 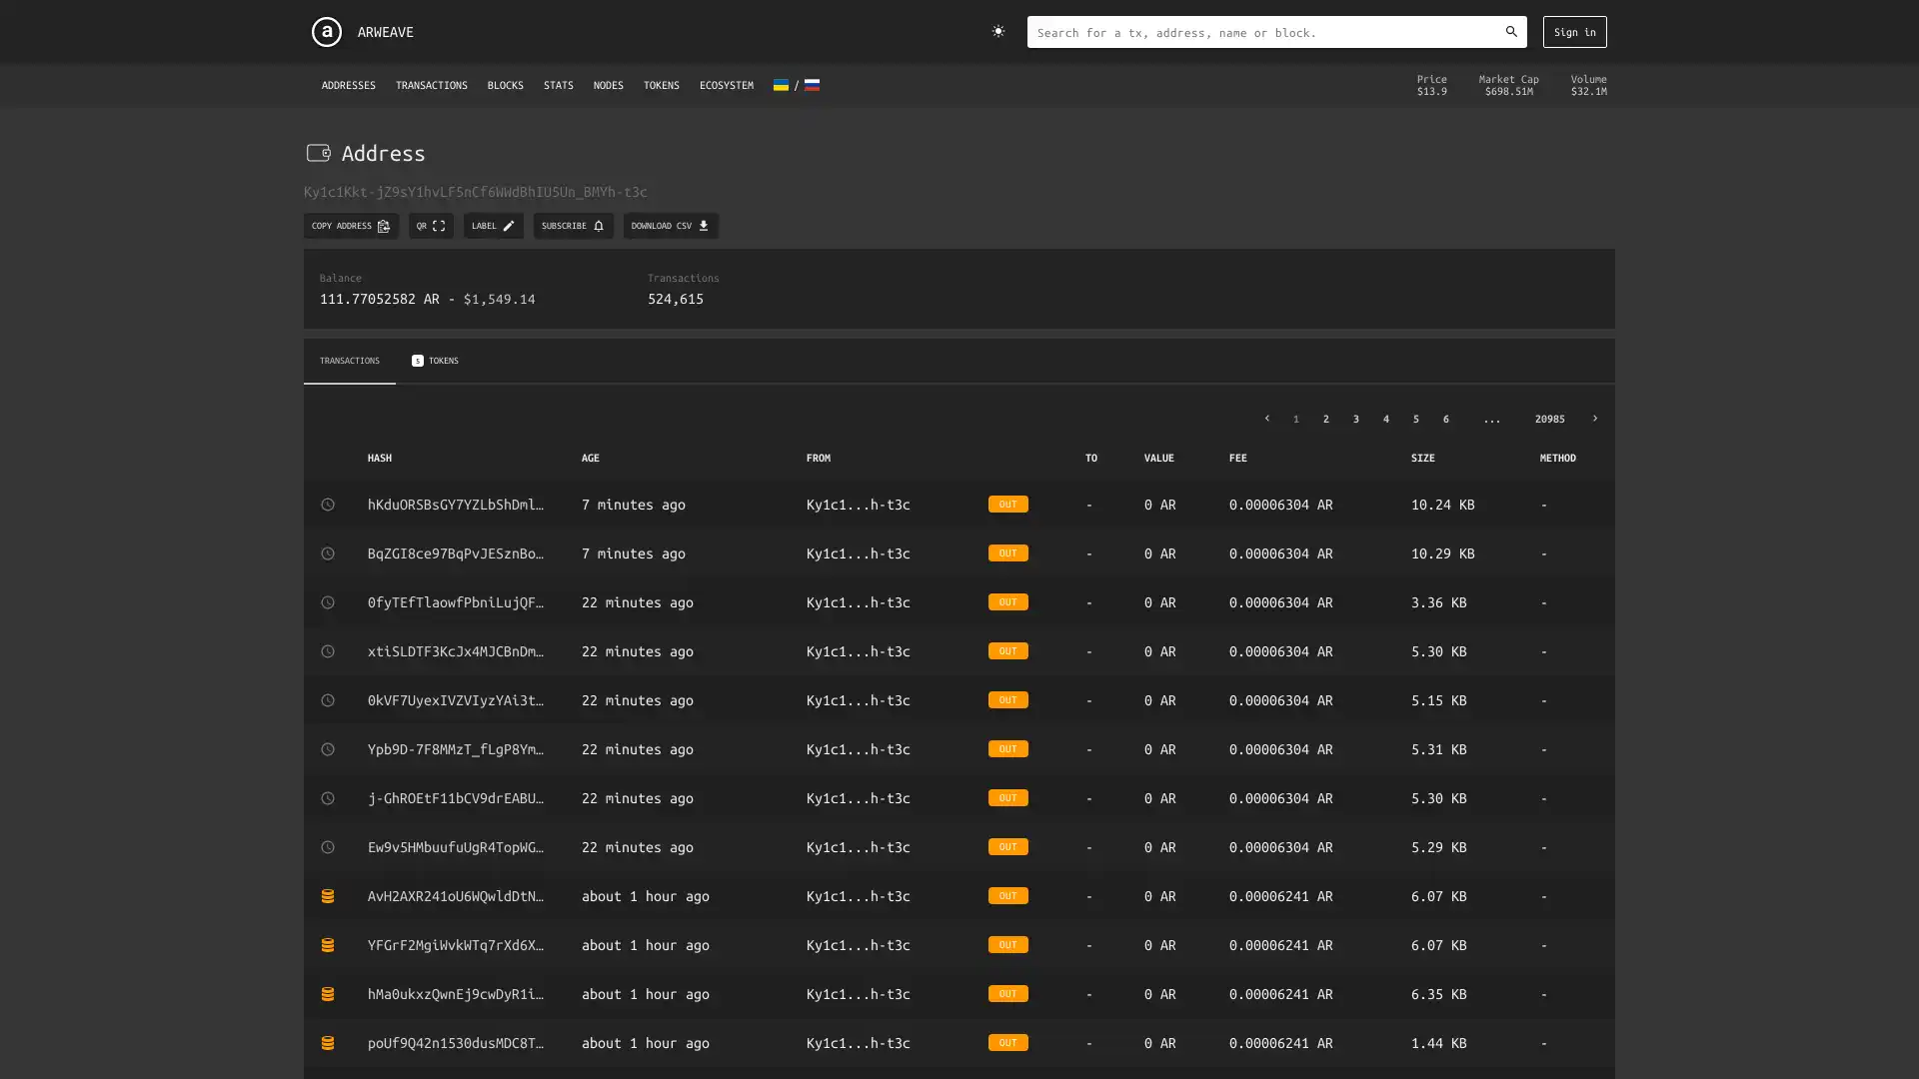 What do you see at coordinates (1355, 416) in the screenshot?
I see `Page 3` at bounding box center [1355, 416].